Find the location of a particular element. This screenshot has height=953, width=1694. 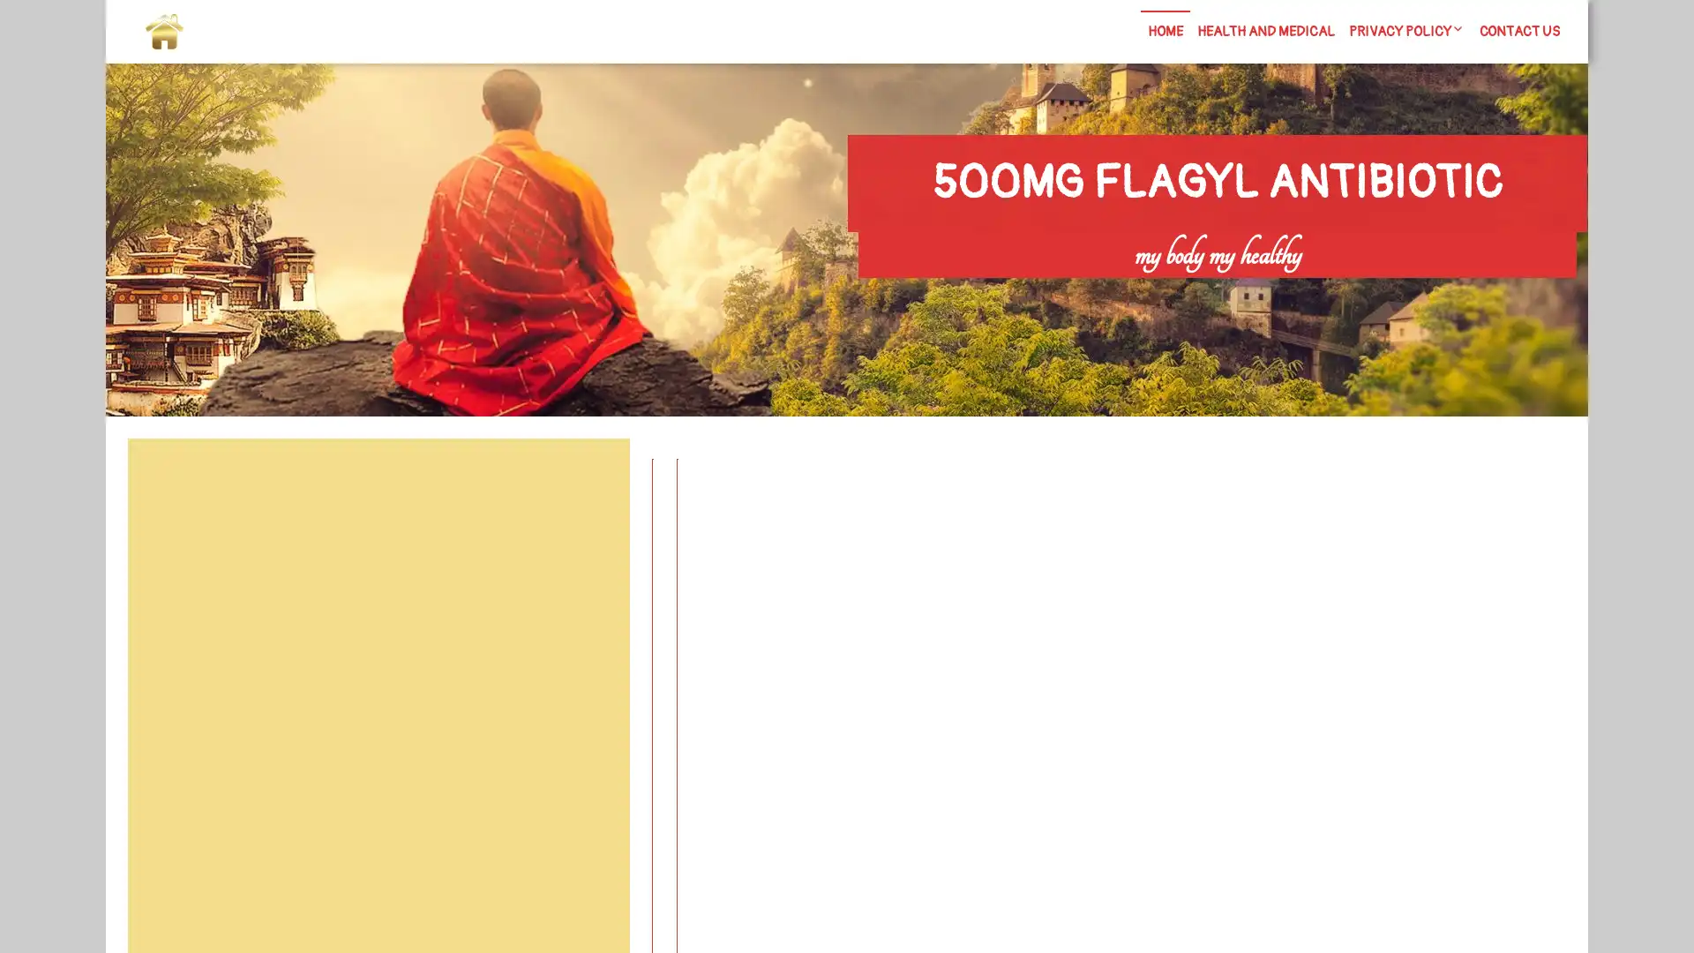

Search is located at coordinates (1374, 289).